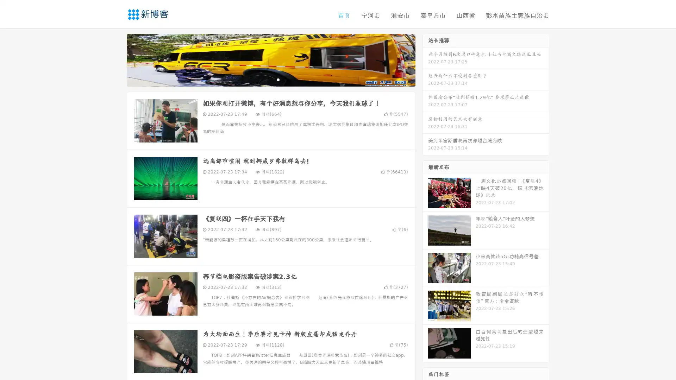 The width and height of the screenshot is (676, 380). I want to click on Previous slide, so click(116, 59).